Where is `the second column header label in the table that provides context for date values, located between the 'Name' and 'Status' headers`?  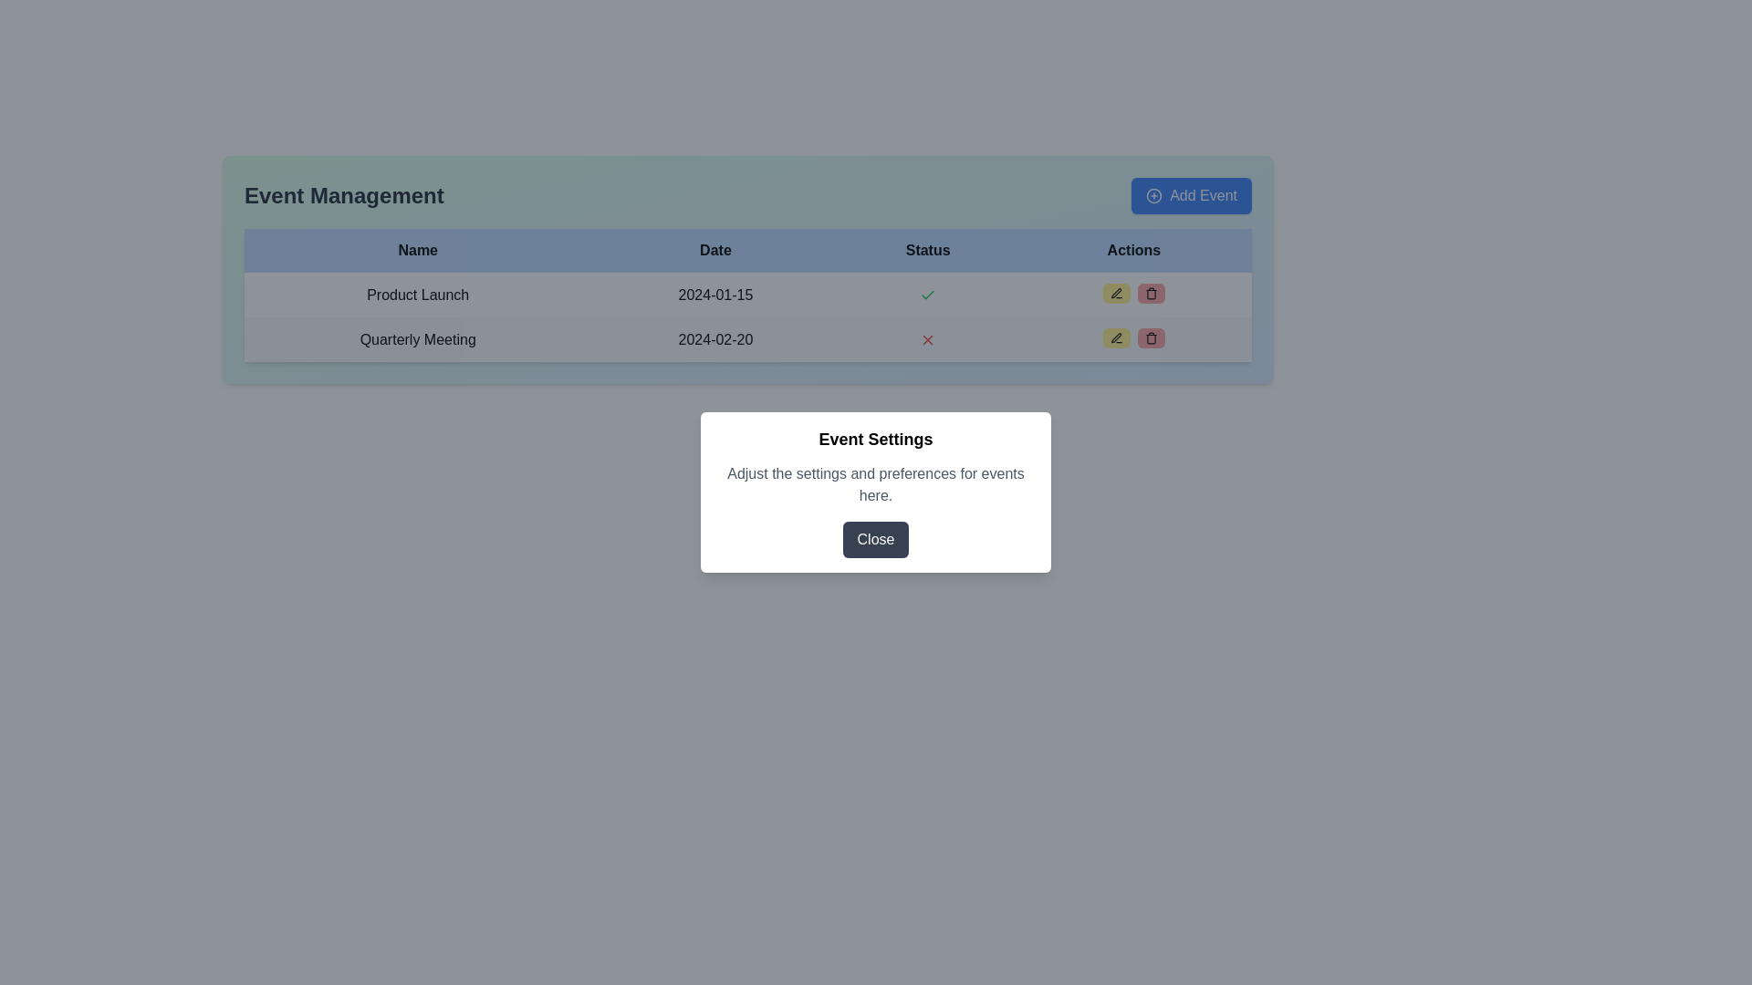
the second column header label in the table that provides context for date values, located between the 'Name' and 'Status' headers is located at coordinates (714, 250).